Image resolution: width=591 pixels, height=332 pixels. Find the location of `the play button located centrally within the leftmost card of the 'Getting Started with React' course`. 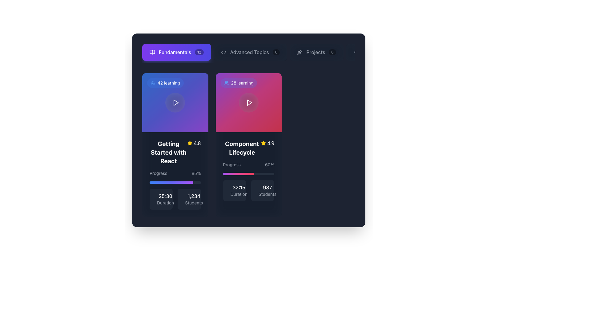

the play button located centrally within the leftmost card of the 'Getting Started with React' course is located at coordinates (175, 102).